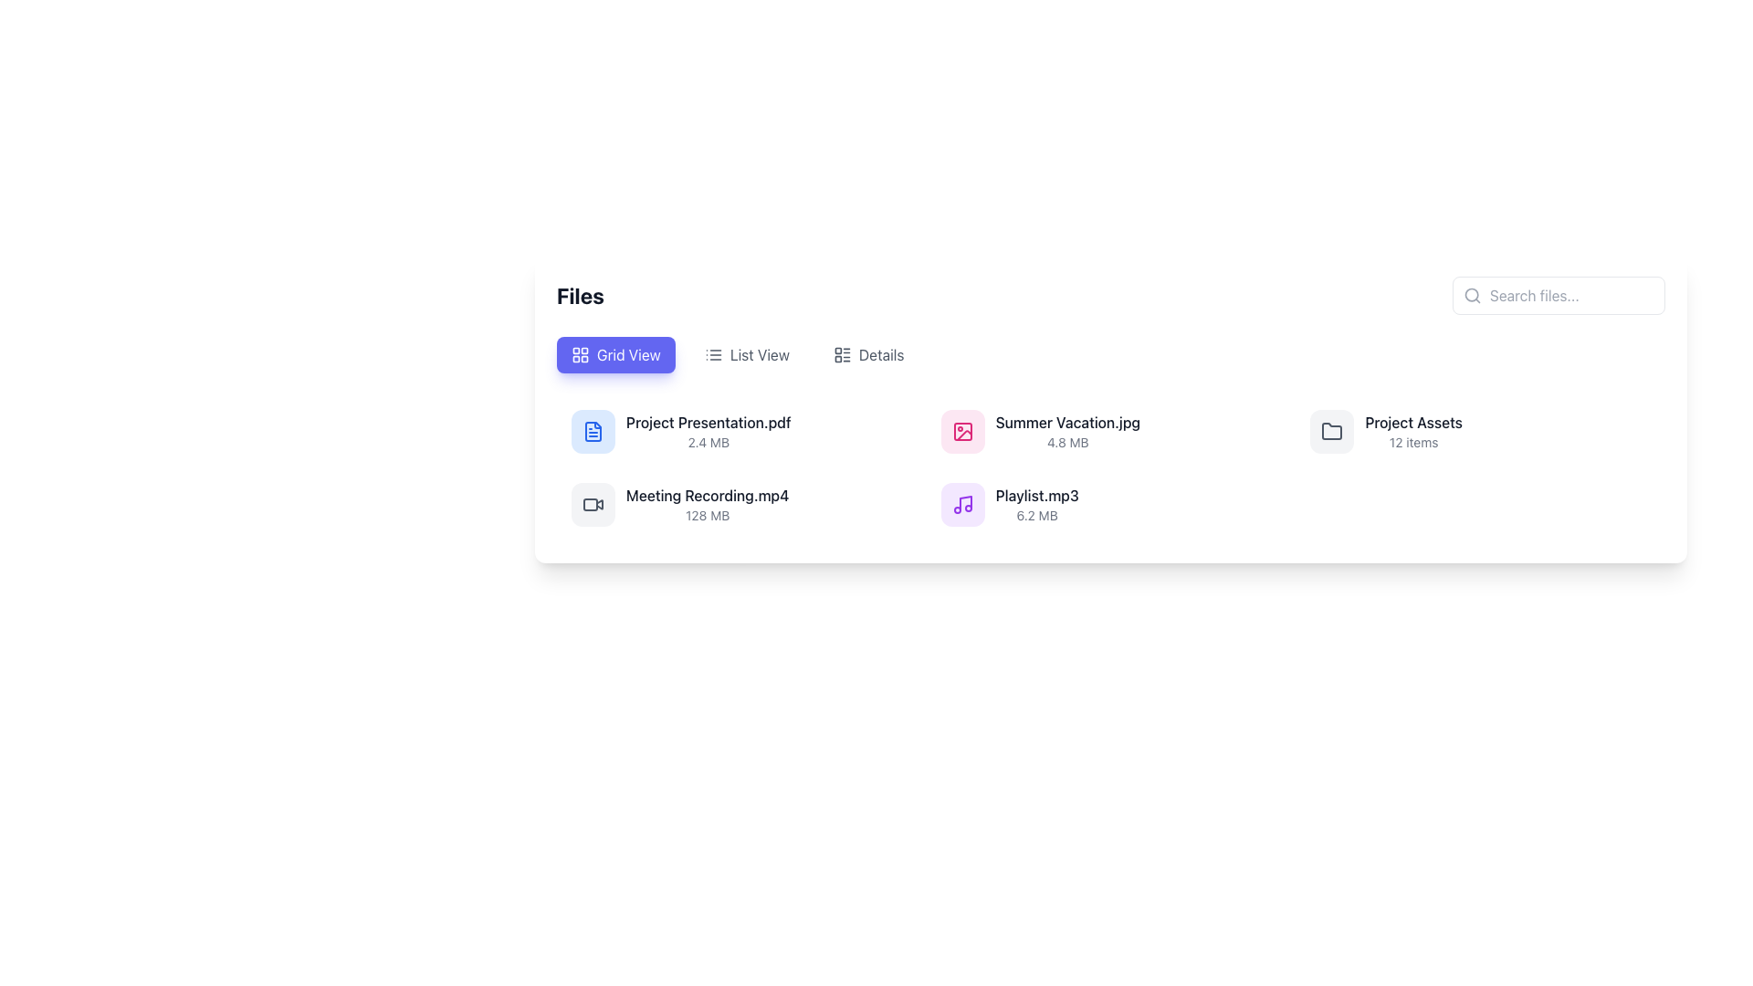 Image resolution: width=1753 pixels, height=986 pixels. Describe the element at coordinates (1109, 432) in the screenshot. I see `the second File representation card in the grid, which represents an image file` at that location.